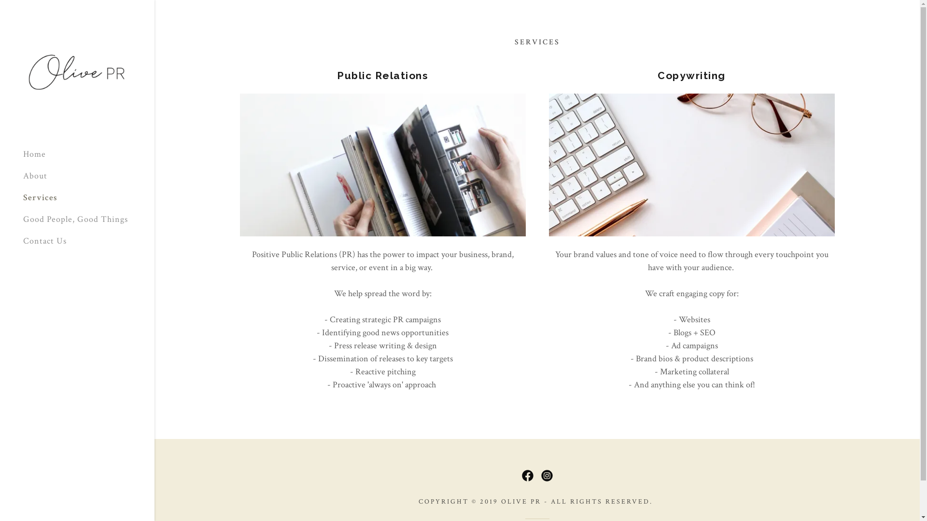 This screenshot has height=521, width=927. I want to click on 'About', so click(23, 176).